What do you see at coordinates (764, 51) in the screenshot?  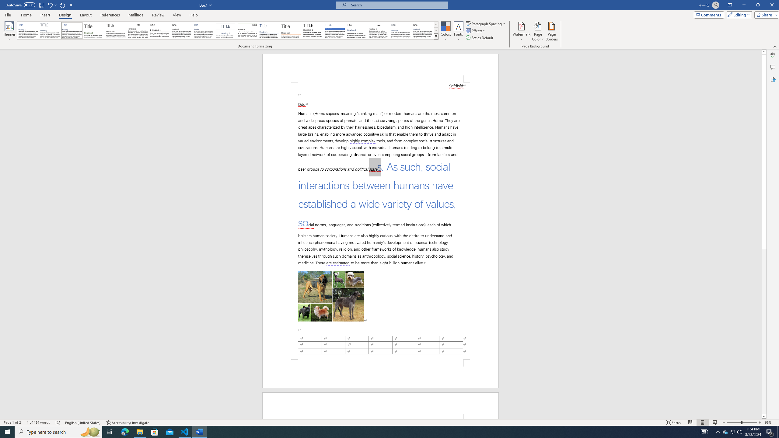 I see `'Line up'` at bounding box center [764, 51].